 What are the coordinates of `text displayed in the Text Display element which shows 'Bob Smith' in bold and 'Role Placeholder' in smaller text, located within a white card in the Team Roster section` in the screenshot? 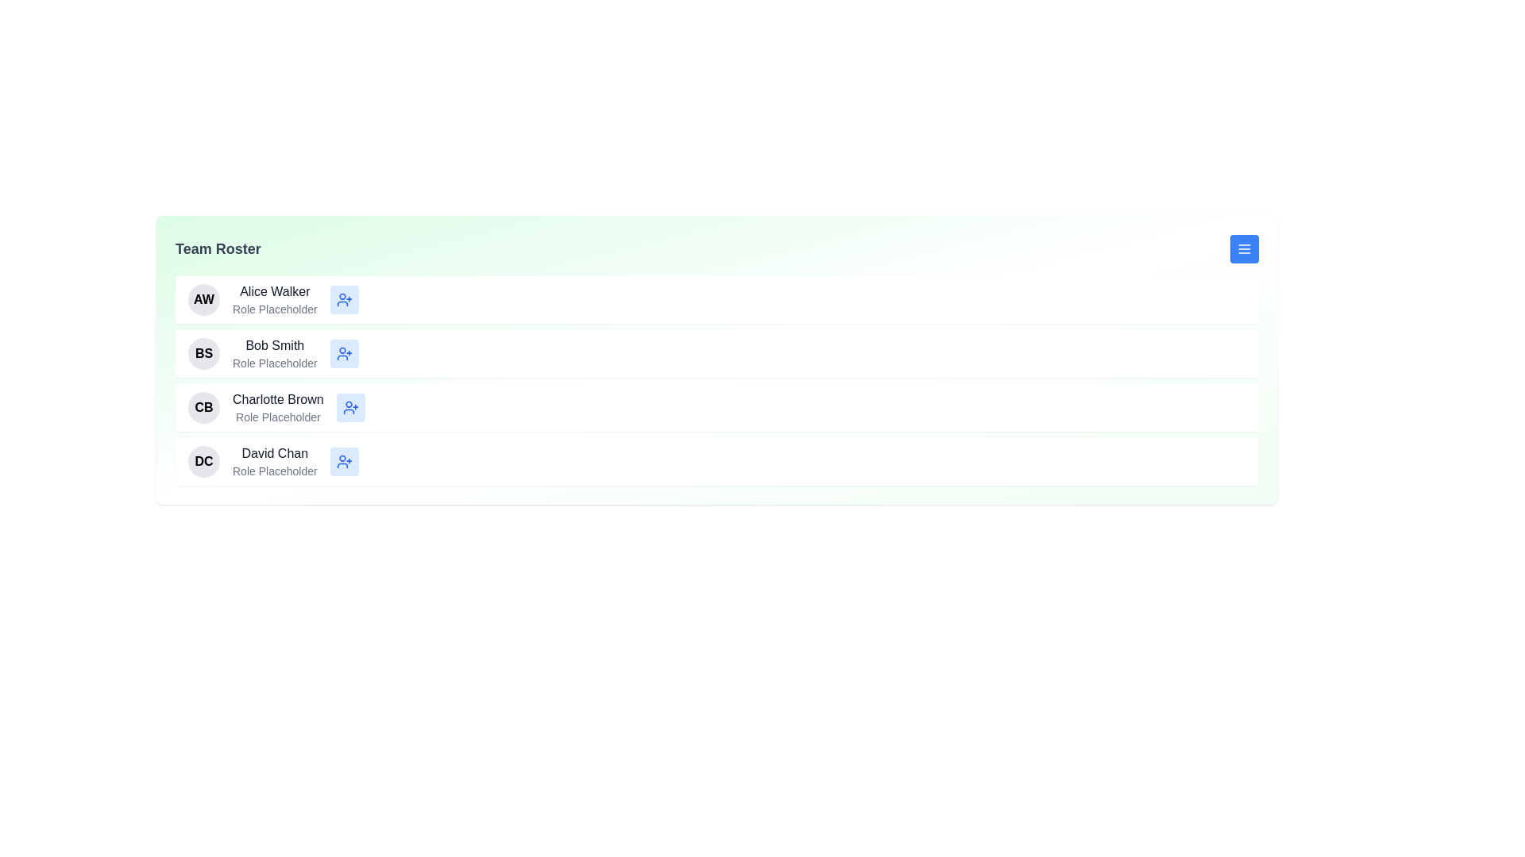 It's located at (275, 353).